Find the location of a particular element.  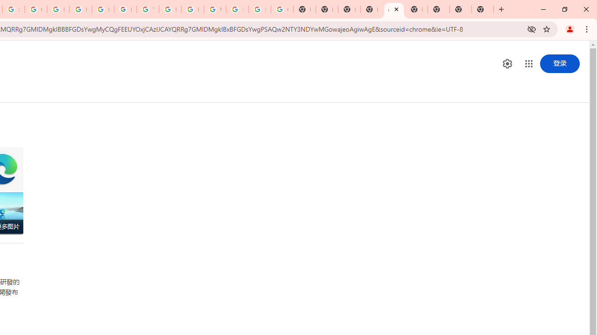

'New Tab' is located at coordinates (482, 9).